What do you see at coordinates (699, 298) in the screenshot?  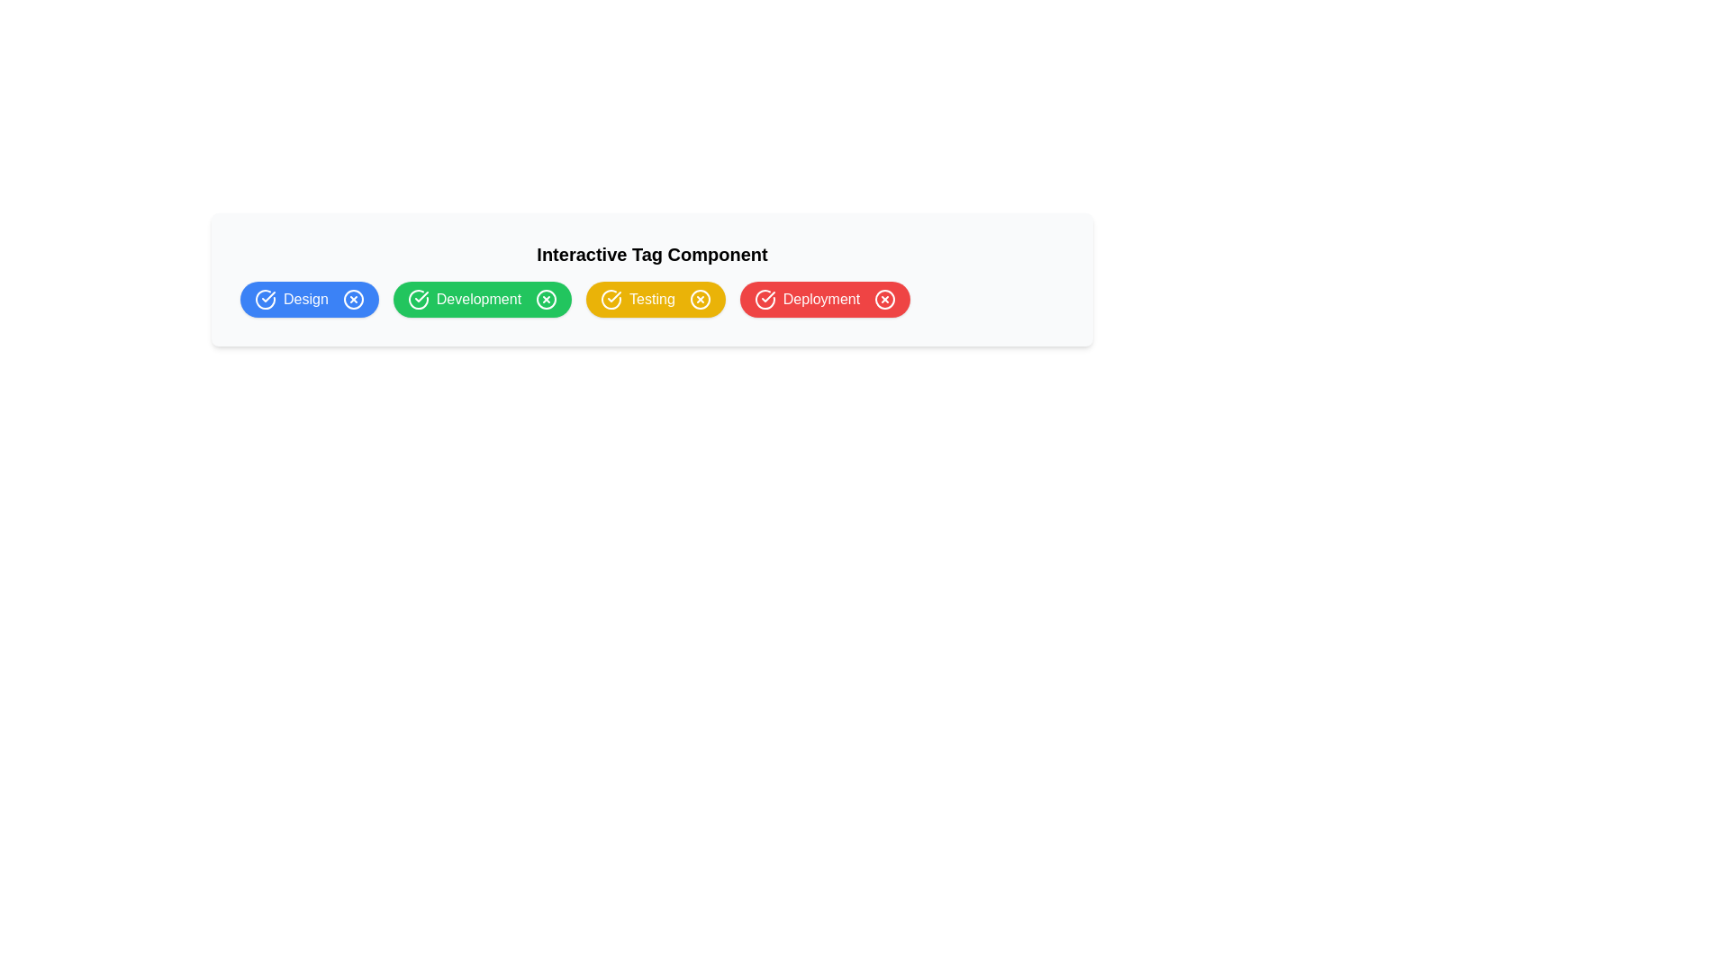 I see `the icon button with a white cross inside a white circle, located at the far-right side of the yellow 'Testing' button` at bounding box center [699, 298].